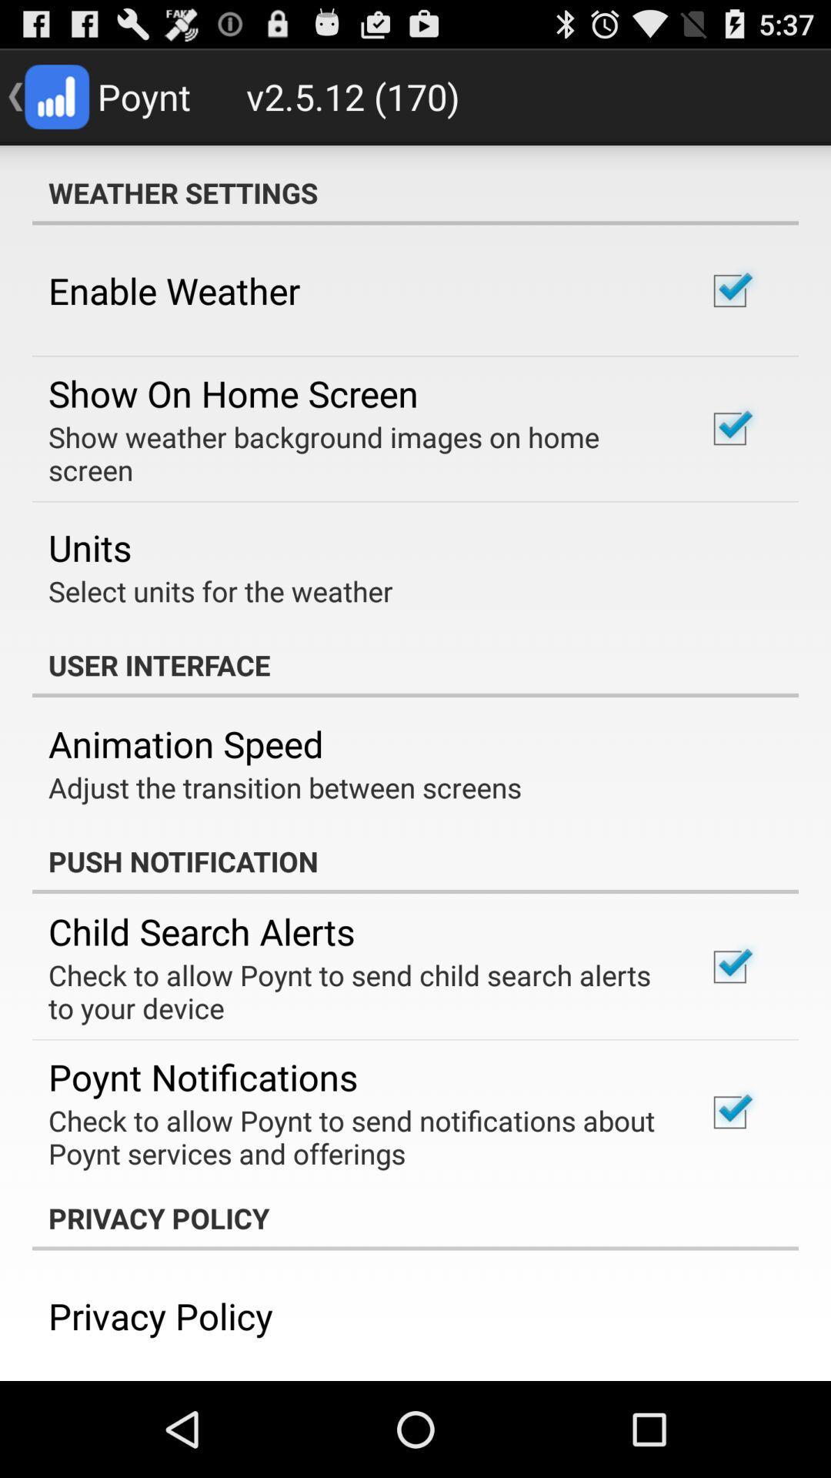 This screenshot has height=1478, width=831. I want to click on icon below show on home, so click(356, 453).